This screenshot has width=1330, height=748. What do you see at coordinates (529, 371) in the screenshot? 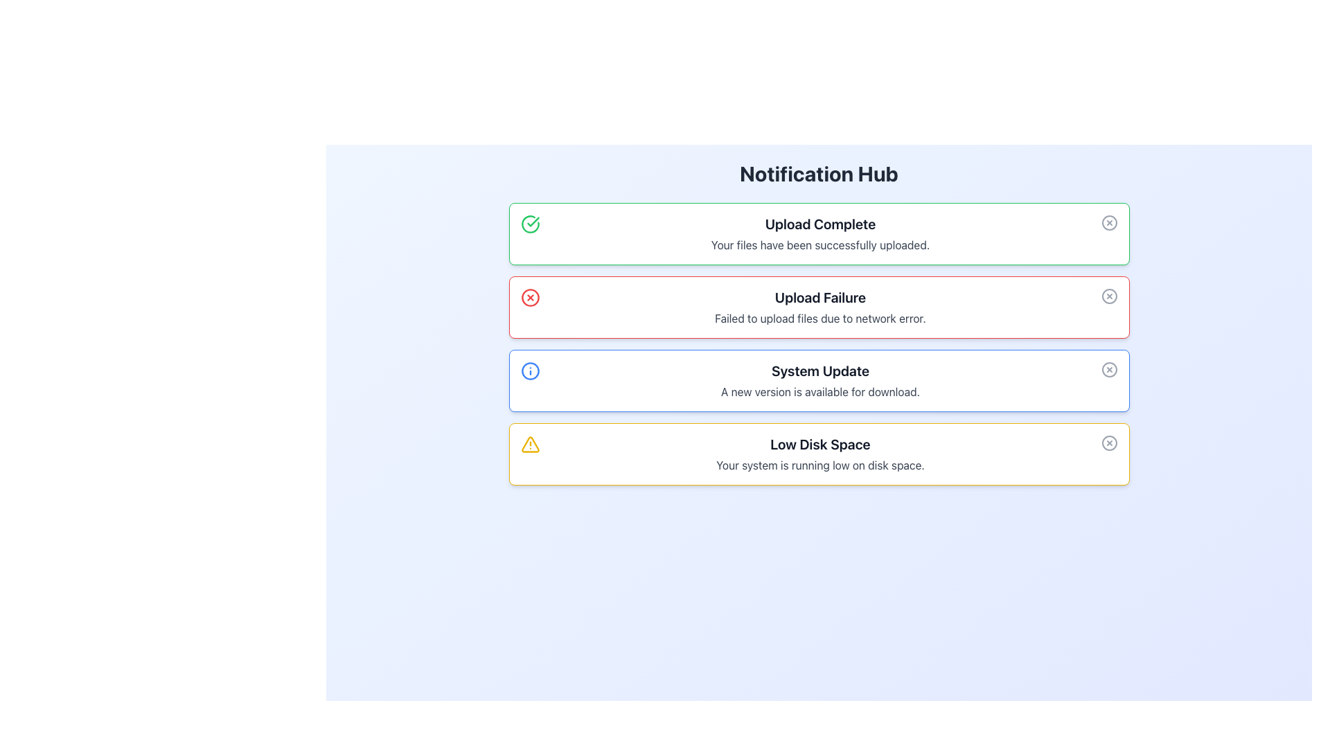
I see `the circular element with a blue outline located in the system update notification icon, which is positioned in the third notification row to the left of the heading 'System Update'` at bounding box center [529, 371].